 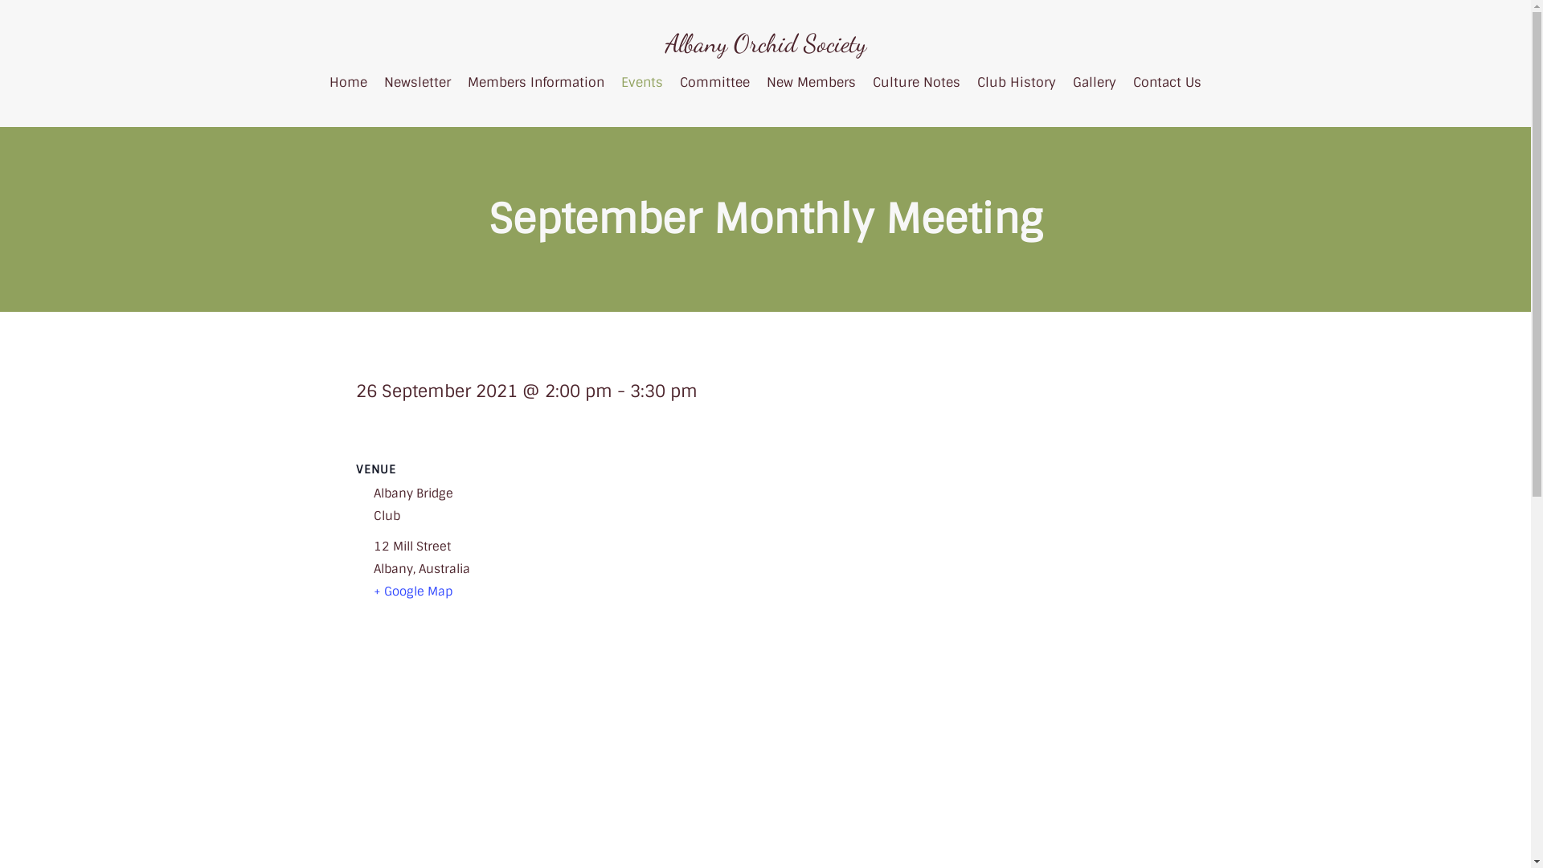 I want to click on 'Newsletter', so click(x=417, y=80).